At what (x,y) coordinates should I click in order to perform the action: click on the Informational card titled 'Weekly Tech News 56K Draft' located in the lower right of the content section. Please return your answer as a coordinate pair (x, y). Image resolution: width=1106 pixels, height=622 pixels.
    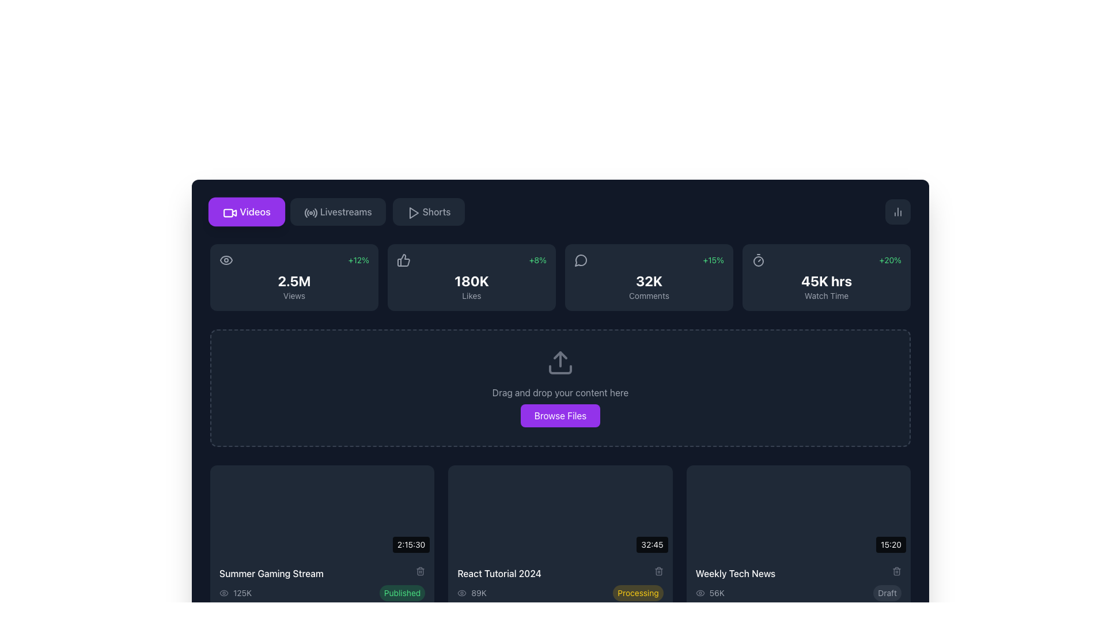
    Looking at the image, I should click on (798, 584).